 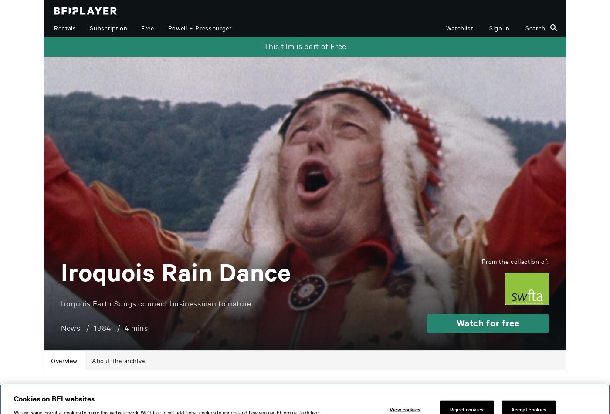 I want to click on '4 mins', so click(x=136, y=327).